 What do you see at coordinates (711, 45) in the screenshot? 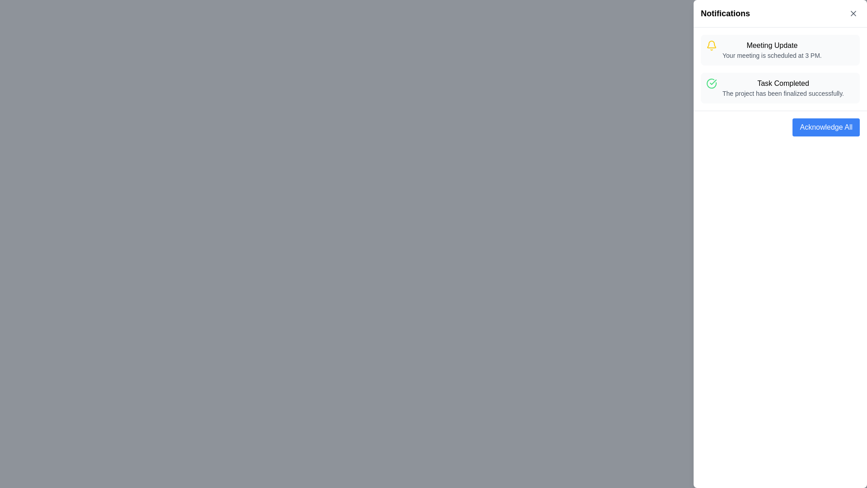
I see `the golden yellow bell icon located at the top-left corner of the notification card` at bounding box center [711, 45].